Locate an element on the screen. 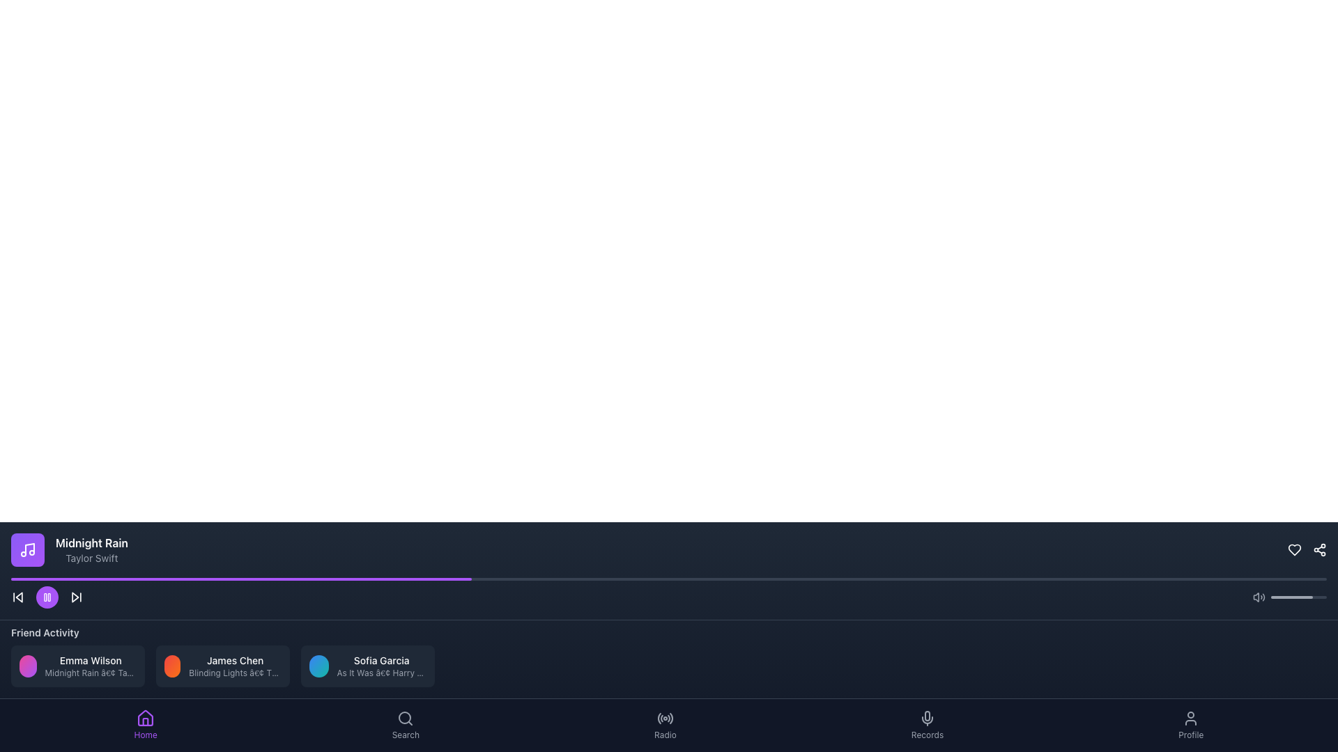 The height and width of the screenshot is (752, 1338). the 'Profile' button, which features a user silhouette icon above the text in a navigation bar at the bottom of the interface is located at coordinates (1190, 724).